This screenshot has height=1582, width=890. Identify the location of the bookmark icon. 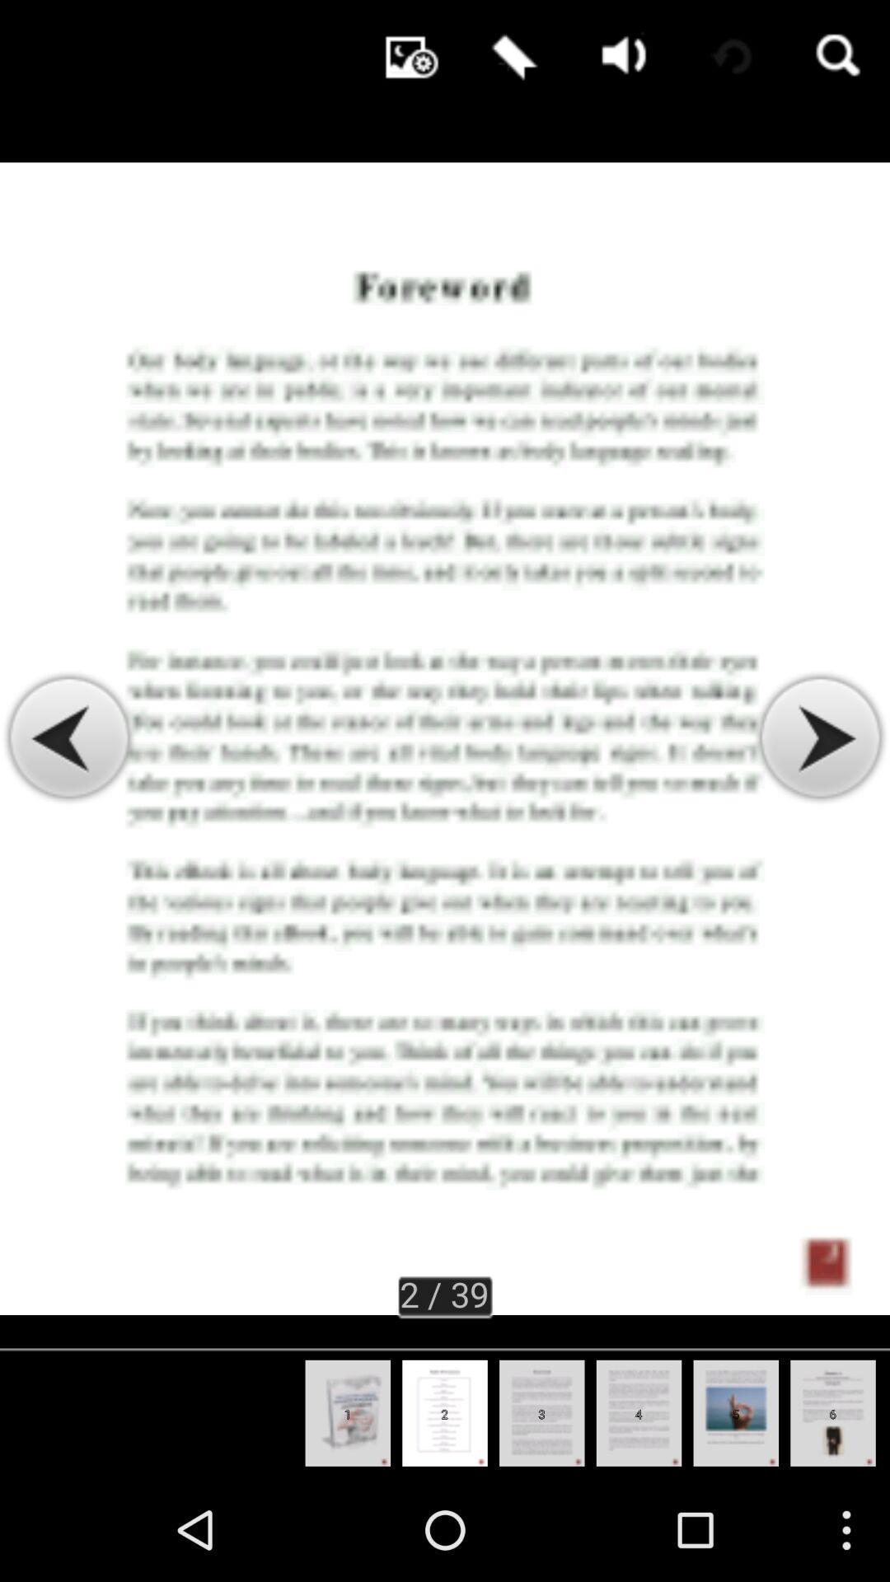
(510, 58).